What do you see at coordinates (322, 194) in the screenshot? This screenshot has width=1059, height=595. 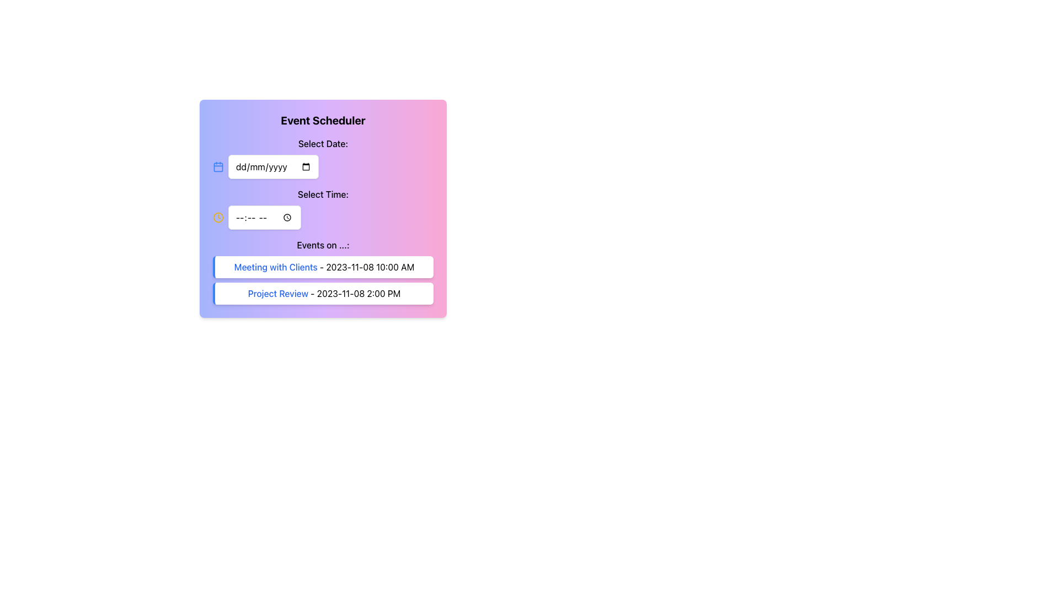 I see `contextual Text label that provides information about the time selection input, positioned above the clock icon and the input field` at bounding box center [322, 194].